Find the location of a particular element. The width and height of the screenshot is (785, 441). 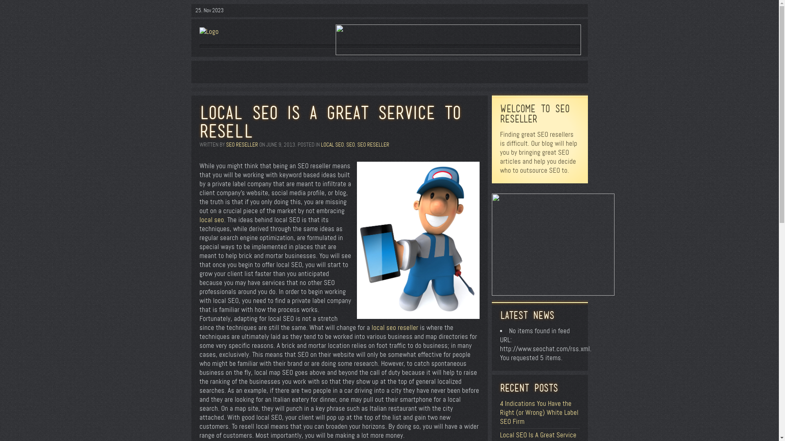

'local seo' is located at coordinates (212, 219).